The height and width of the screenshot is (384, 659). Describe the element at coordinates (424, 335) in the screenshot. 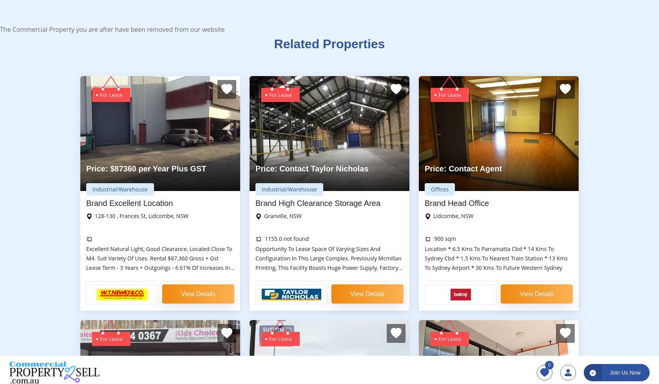

I see `'Brand Excellent Presentation'` at that location.